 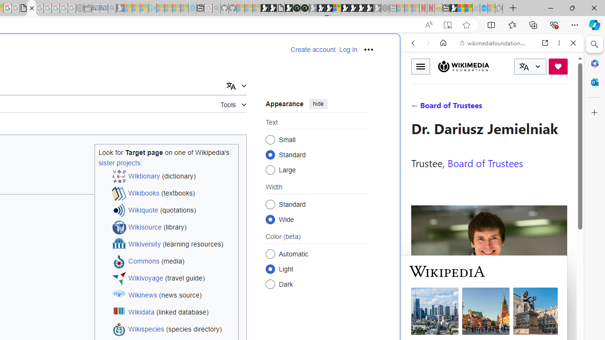 What do you see at coordinates (144, 227) in the screenshot?
I see `'Wikisource'` at bounding box center [144, 227].